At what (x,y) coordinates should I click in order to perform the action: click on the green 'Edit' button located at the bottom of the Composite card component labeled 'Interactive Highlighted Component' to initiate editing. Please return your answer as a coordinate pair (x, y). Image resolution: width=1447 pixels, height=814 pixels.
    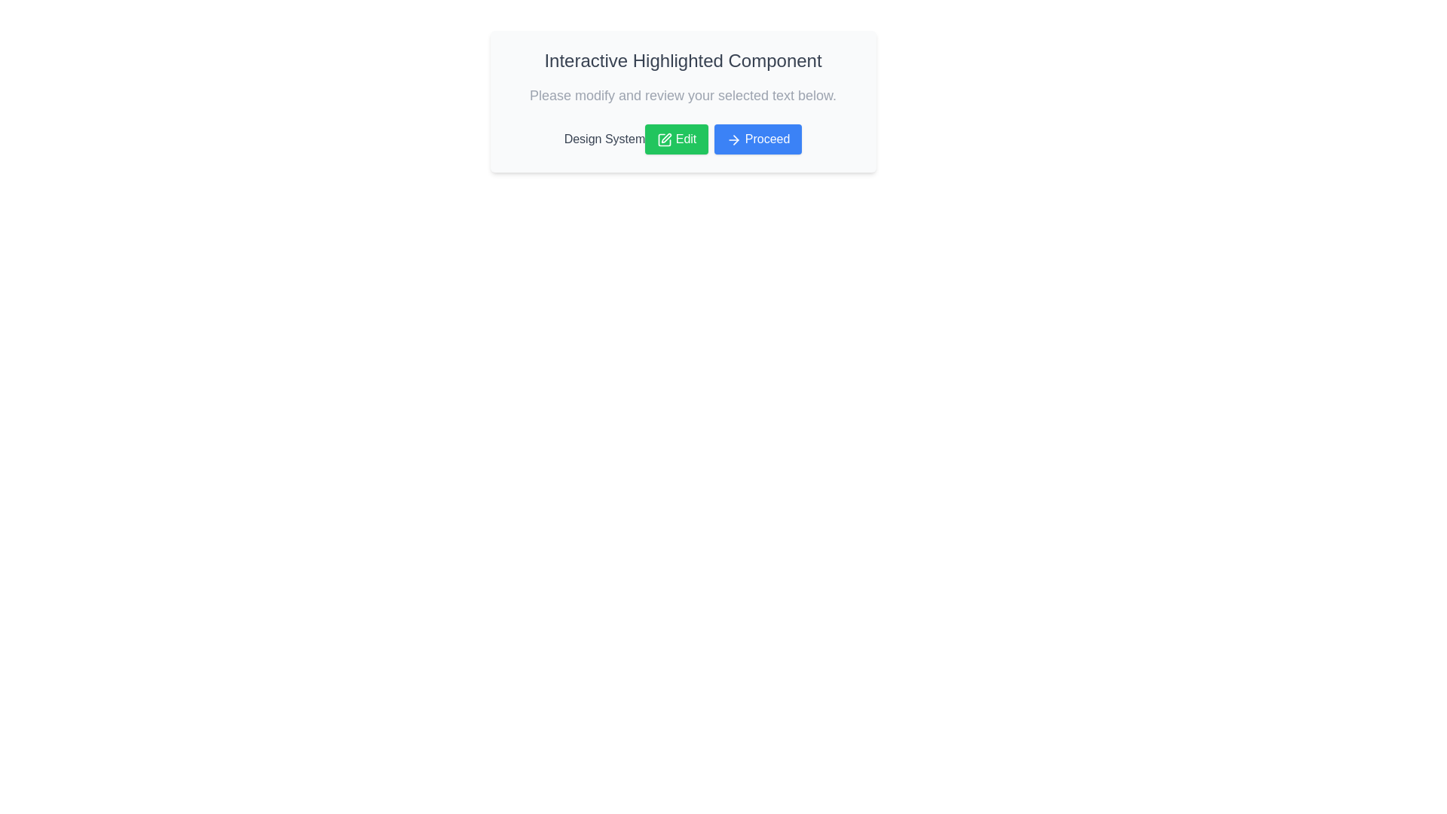
    Looking at the image, I should click on (682, 102).